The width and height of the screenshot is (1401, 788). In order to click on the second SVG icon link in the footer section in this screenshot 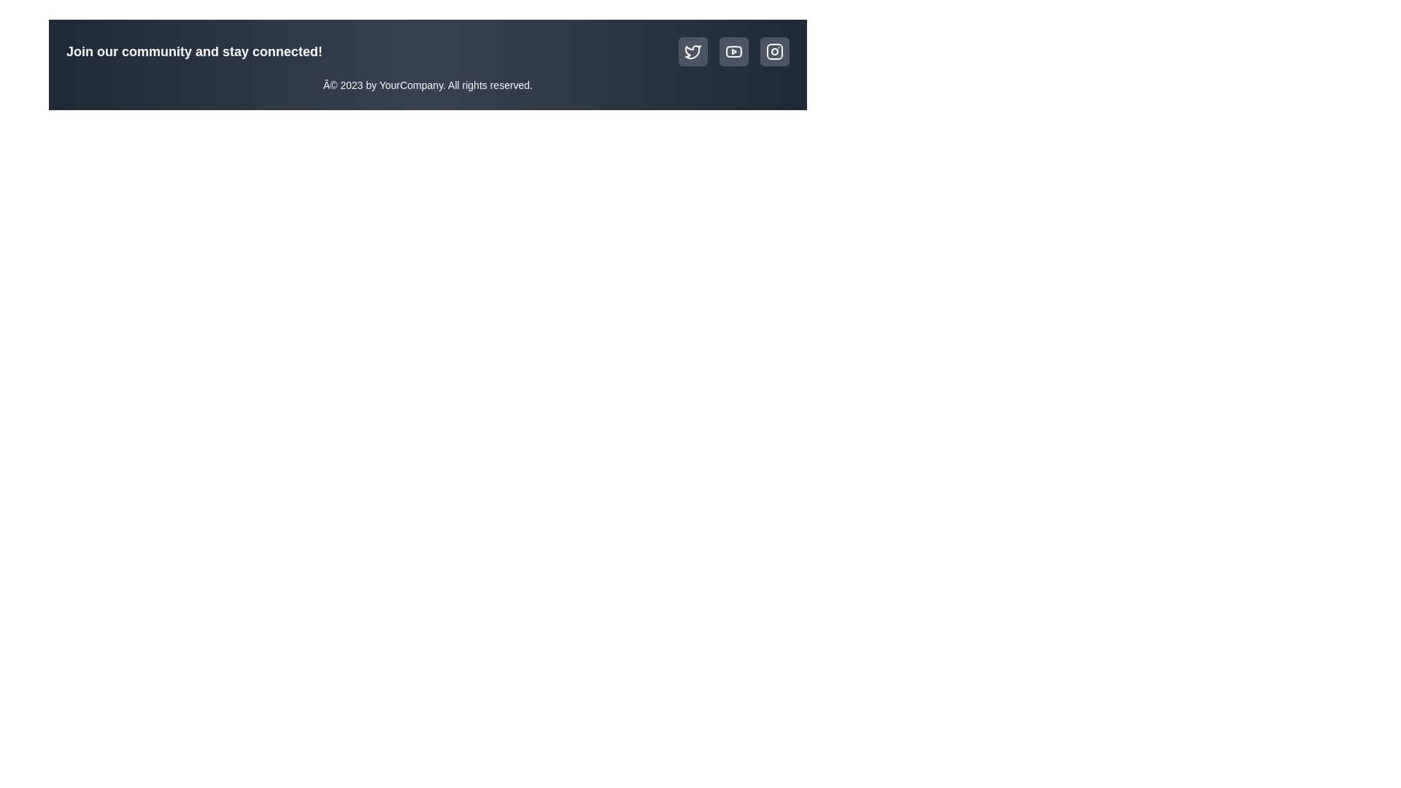, I will do `click(734, 50)`.